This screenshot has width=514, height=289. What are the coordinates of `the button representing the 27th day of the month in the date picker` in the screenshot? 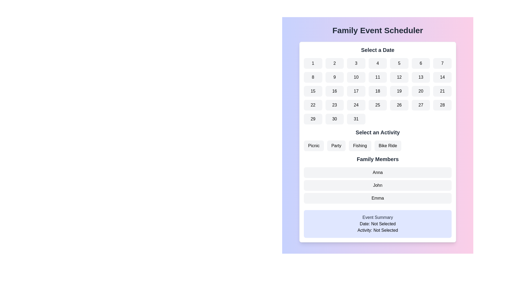 It's located at (421, 105).